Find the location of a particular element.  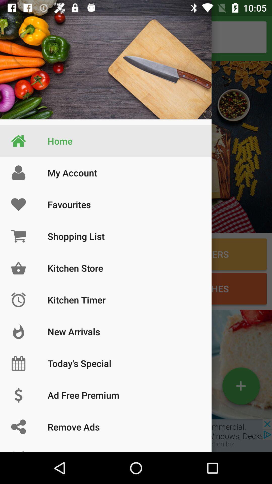

the add icon is located at coordinates (241, 388).